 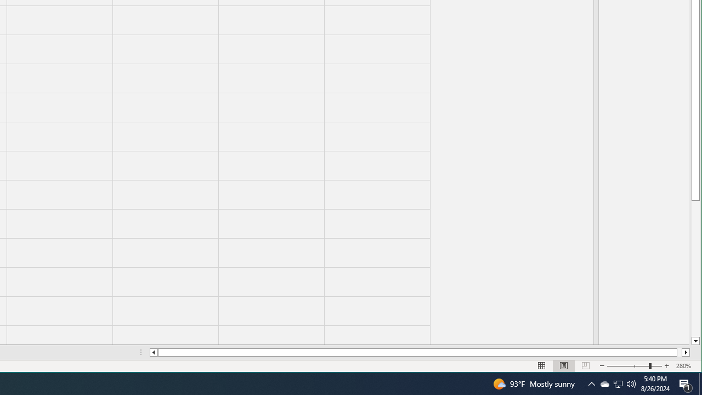 I want to click on 'Normal', so click(x=542, y=366).